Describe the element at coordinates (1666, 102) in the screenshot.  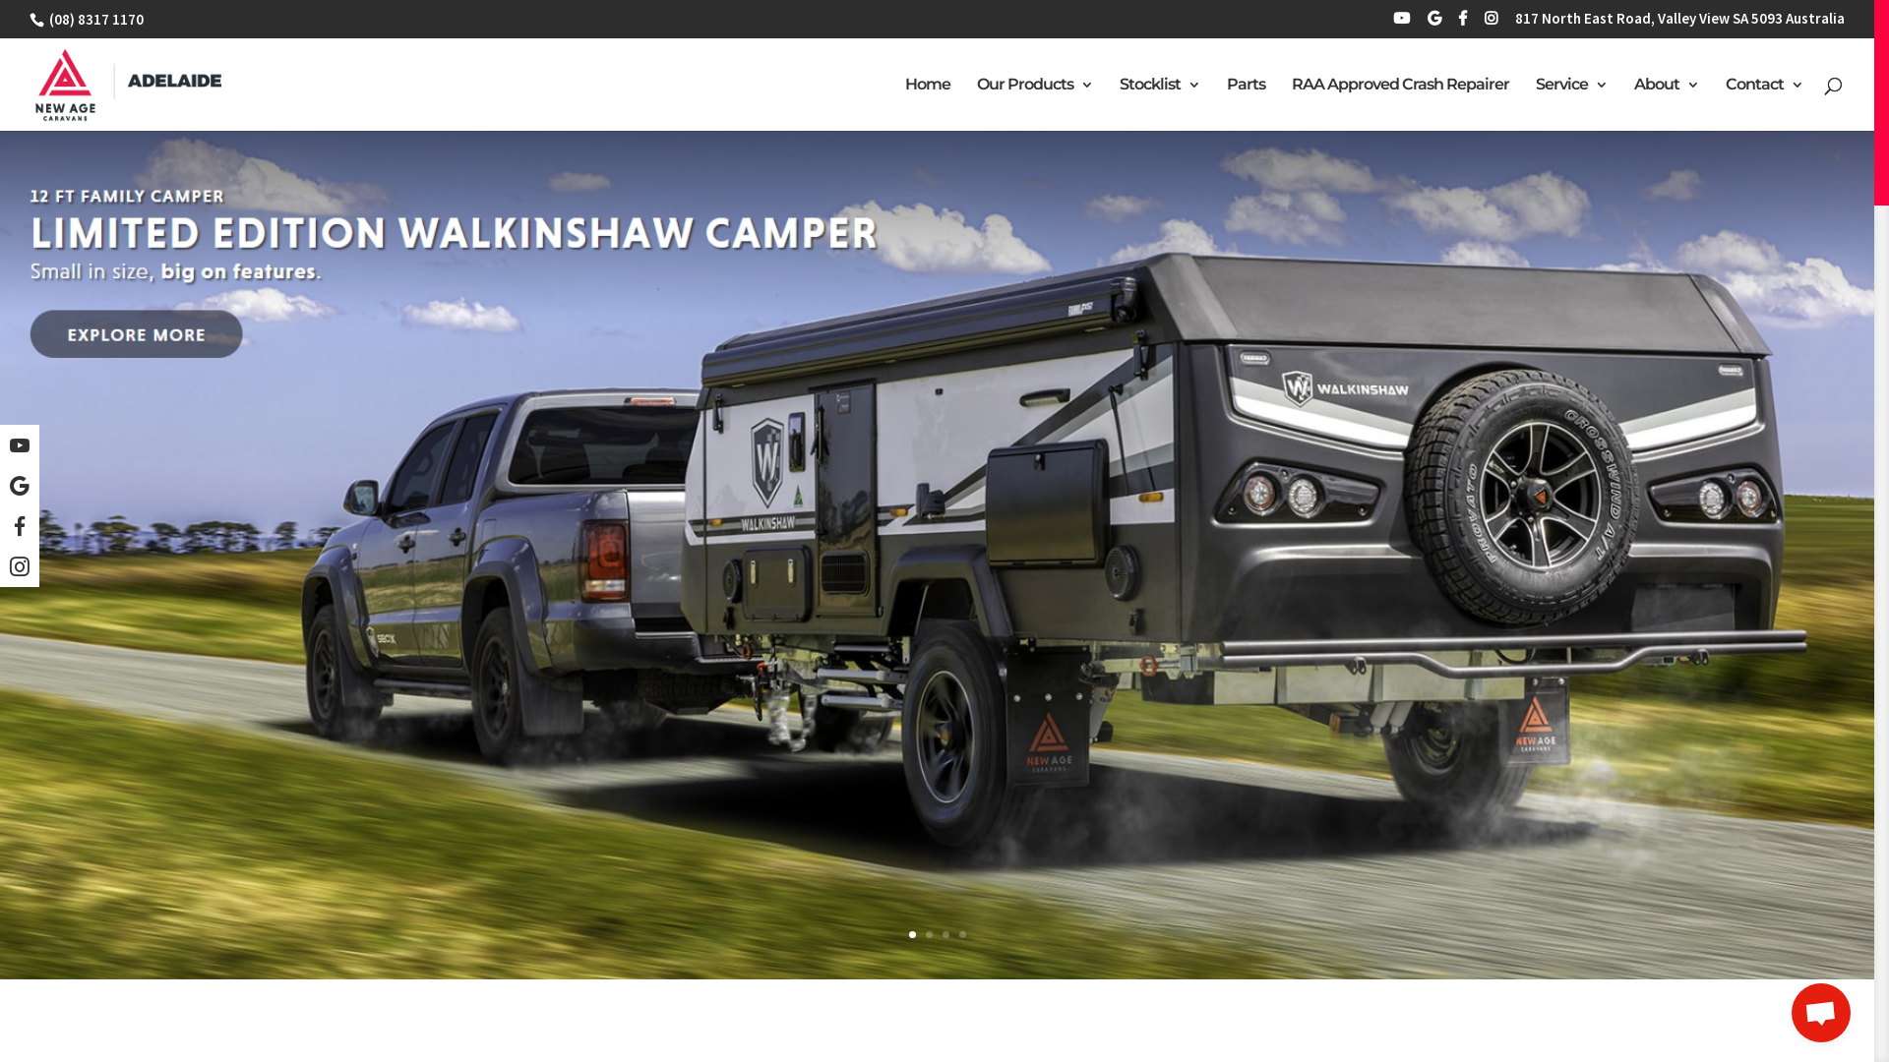
I see `'About'` at that location.